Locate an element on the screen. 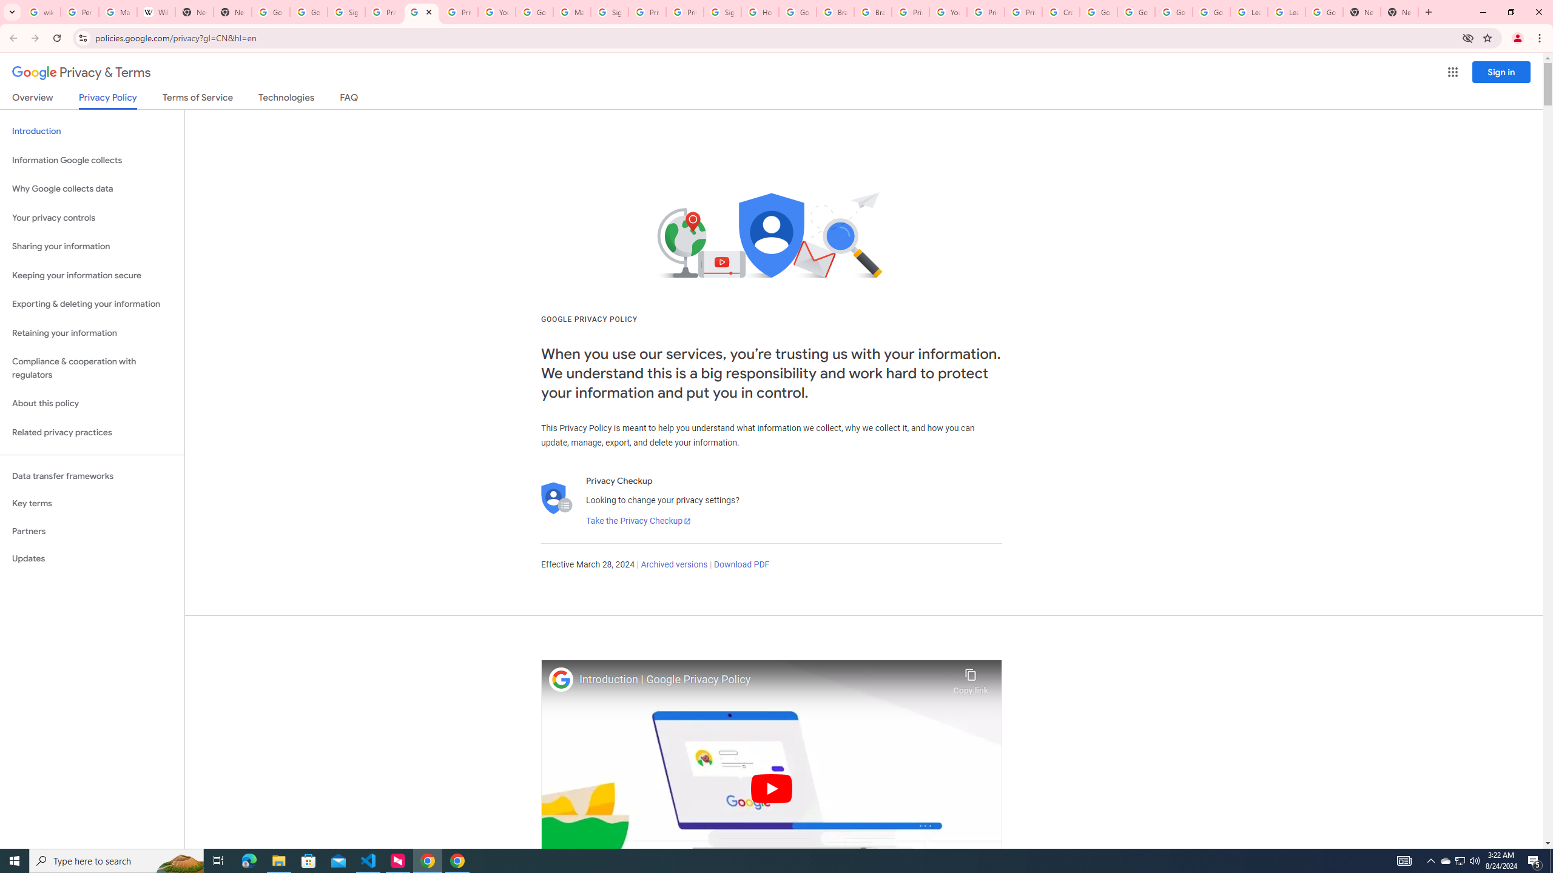 The width and height of the screenshot is (1553, 873). 'Brand Resource Center' is located at coordinates (872, 12).